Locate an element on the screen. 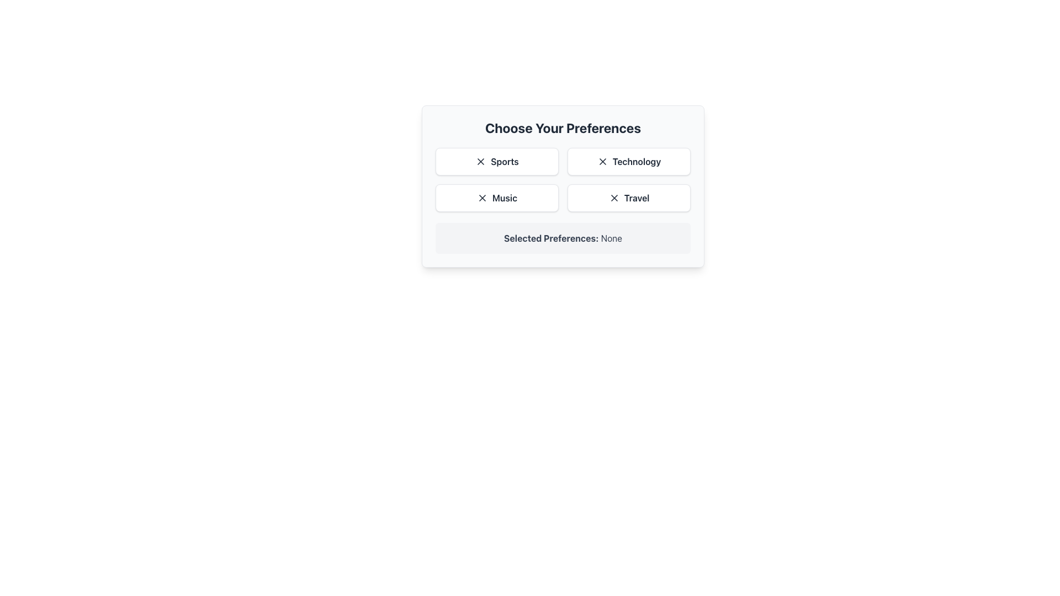  the 'Music' button is located at coordinates (496, 197).